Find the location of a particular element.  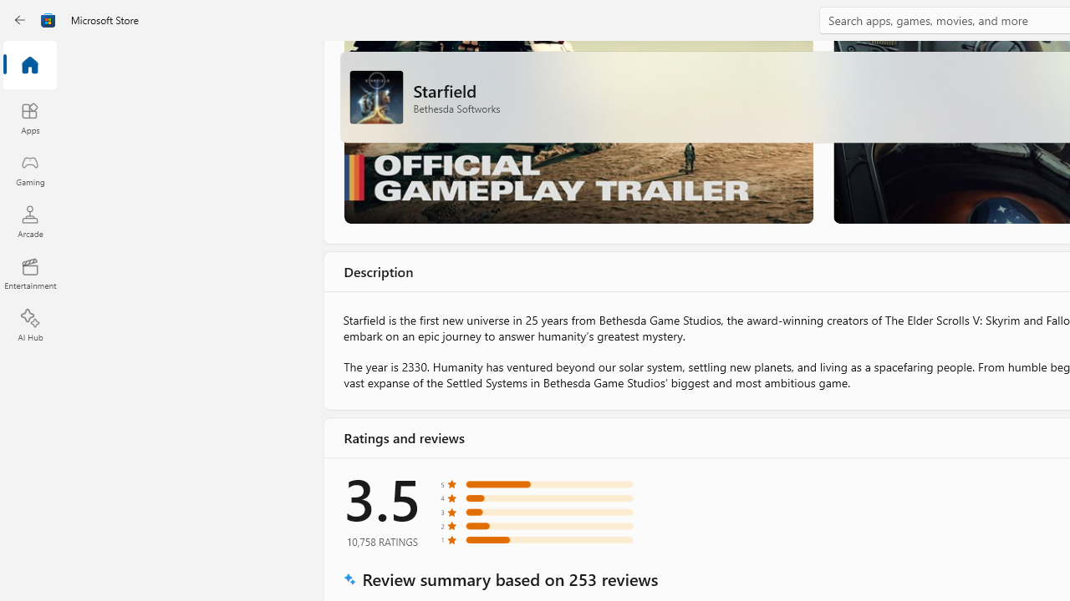

'Back' is located at coordinates (20, 20).